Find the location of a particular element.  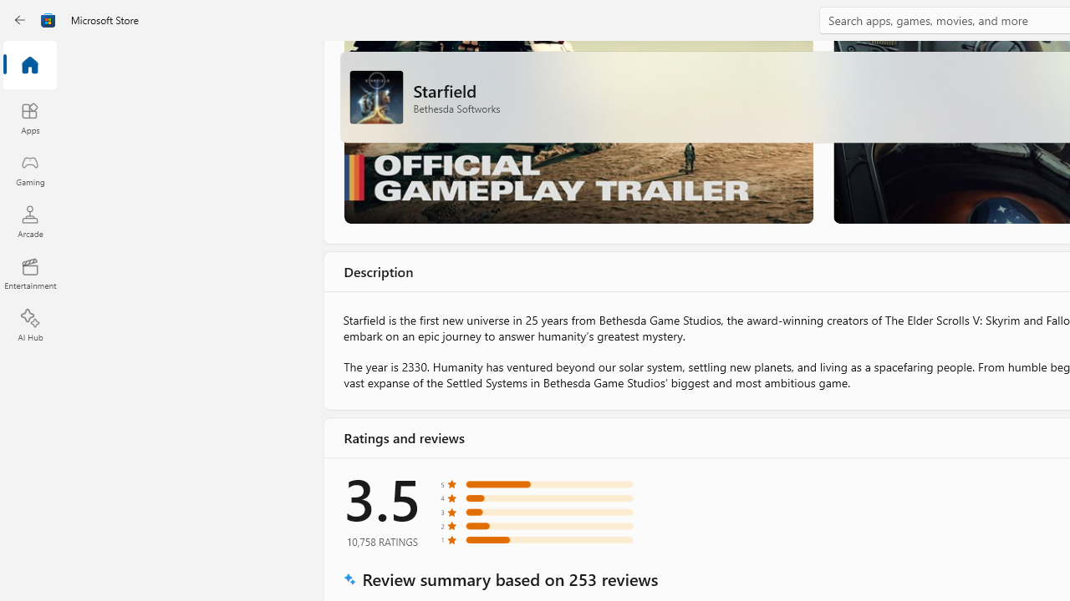

'Back' is located at coordinates (20, 20).